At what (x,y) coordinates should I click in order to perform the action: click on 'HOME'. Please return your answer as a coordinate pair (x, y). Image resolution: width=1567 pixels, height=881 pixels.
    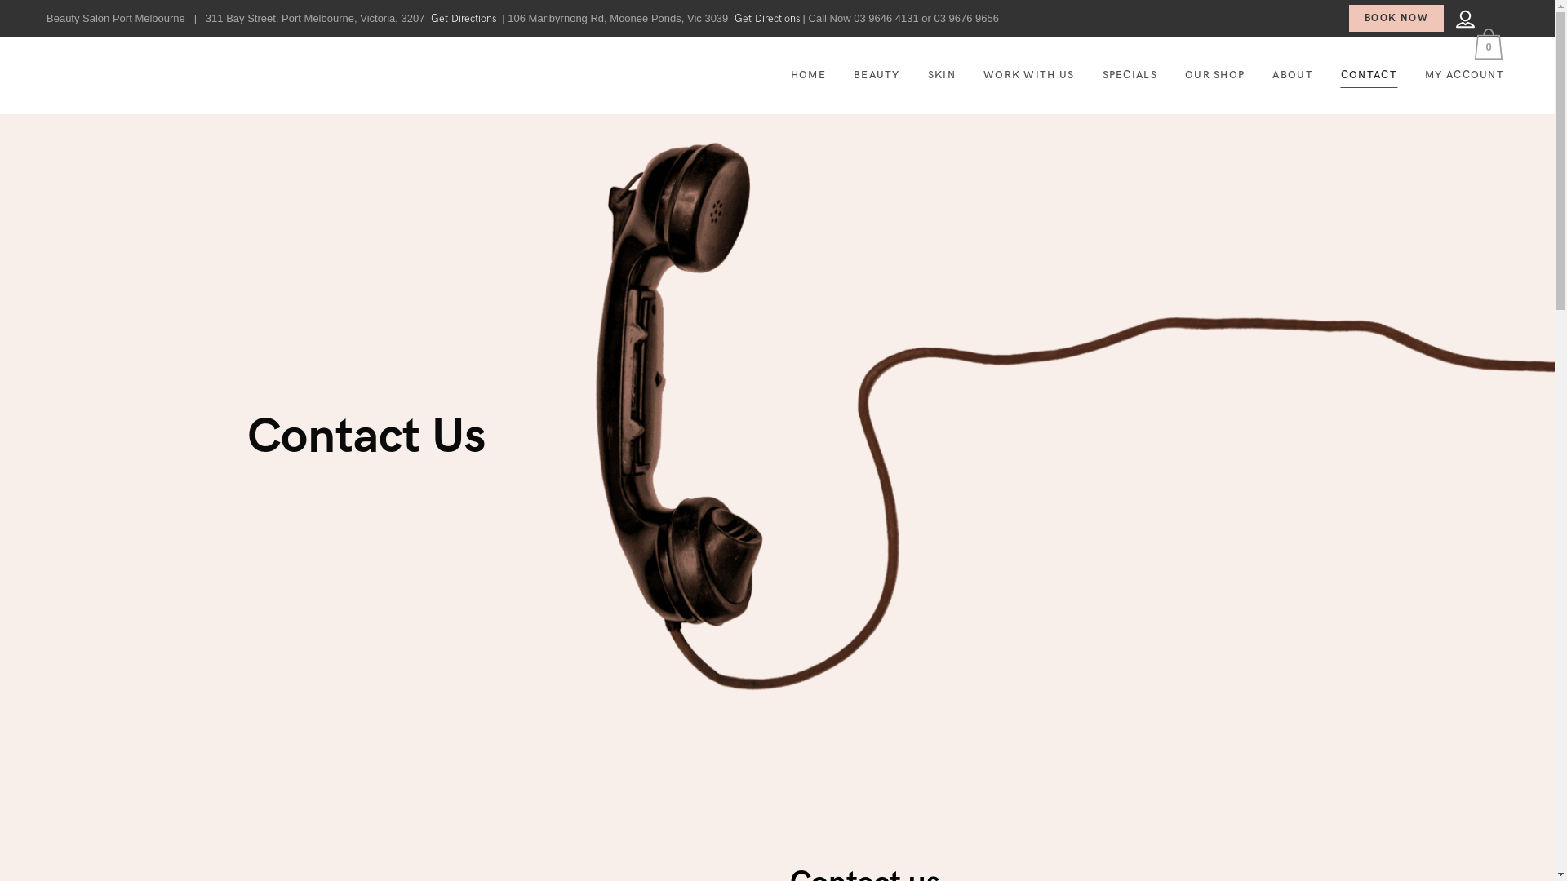
    Looking at the image, I should click on (808, 75).